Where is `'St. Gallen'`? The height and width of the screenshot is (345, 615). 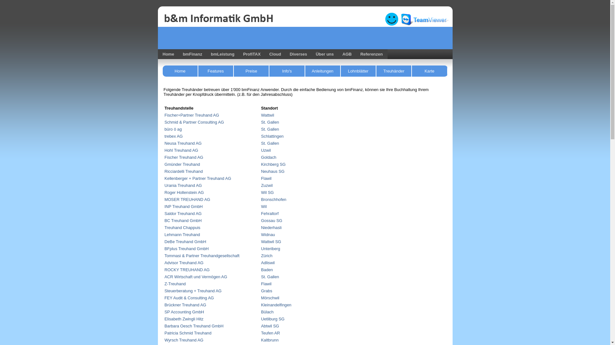
'St. Gallen' is located at coordinates (270, 129).